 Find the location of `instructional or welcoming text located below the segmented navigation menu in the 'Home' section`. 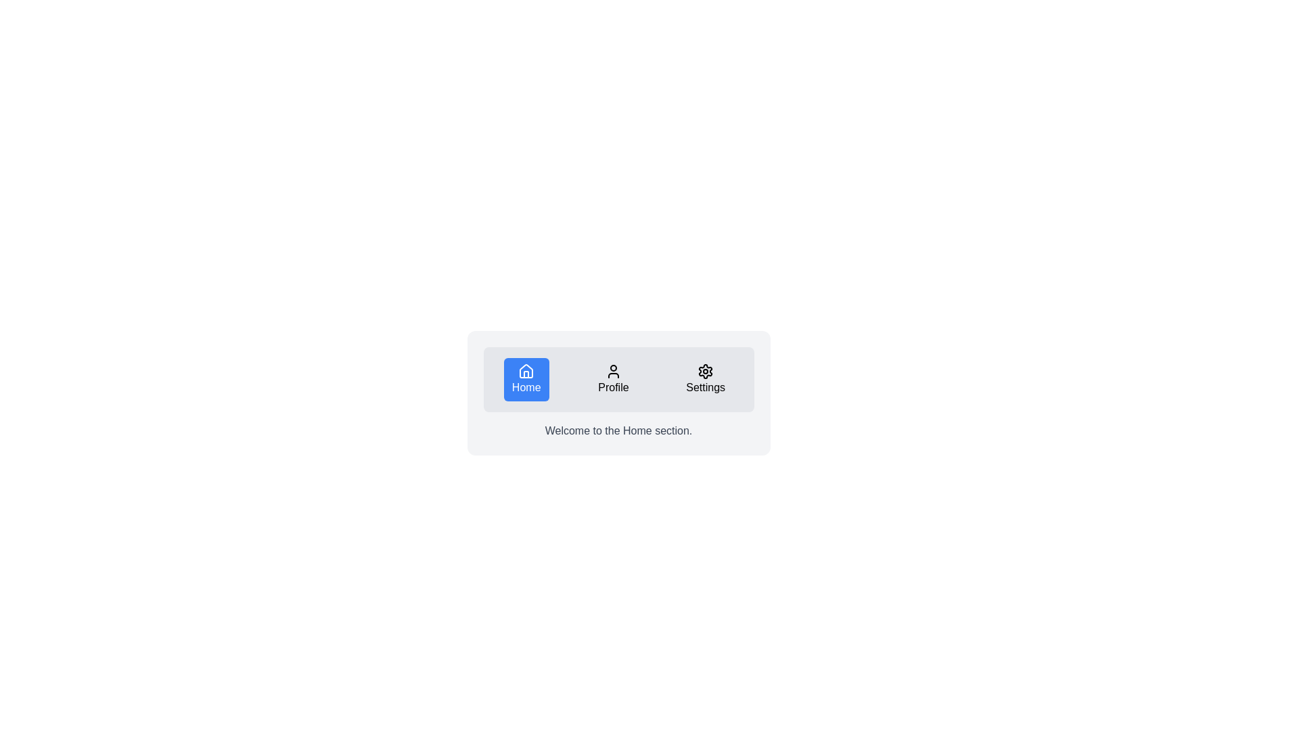

instructional or welcoming text located below the segmented navigation menu in the 'Home' section is located at coordinates (618, 430).